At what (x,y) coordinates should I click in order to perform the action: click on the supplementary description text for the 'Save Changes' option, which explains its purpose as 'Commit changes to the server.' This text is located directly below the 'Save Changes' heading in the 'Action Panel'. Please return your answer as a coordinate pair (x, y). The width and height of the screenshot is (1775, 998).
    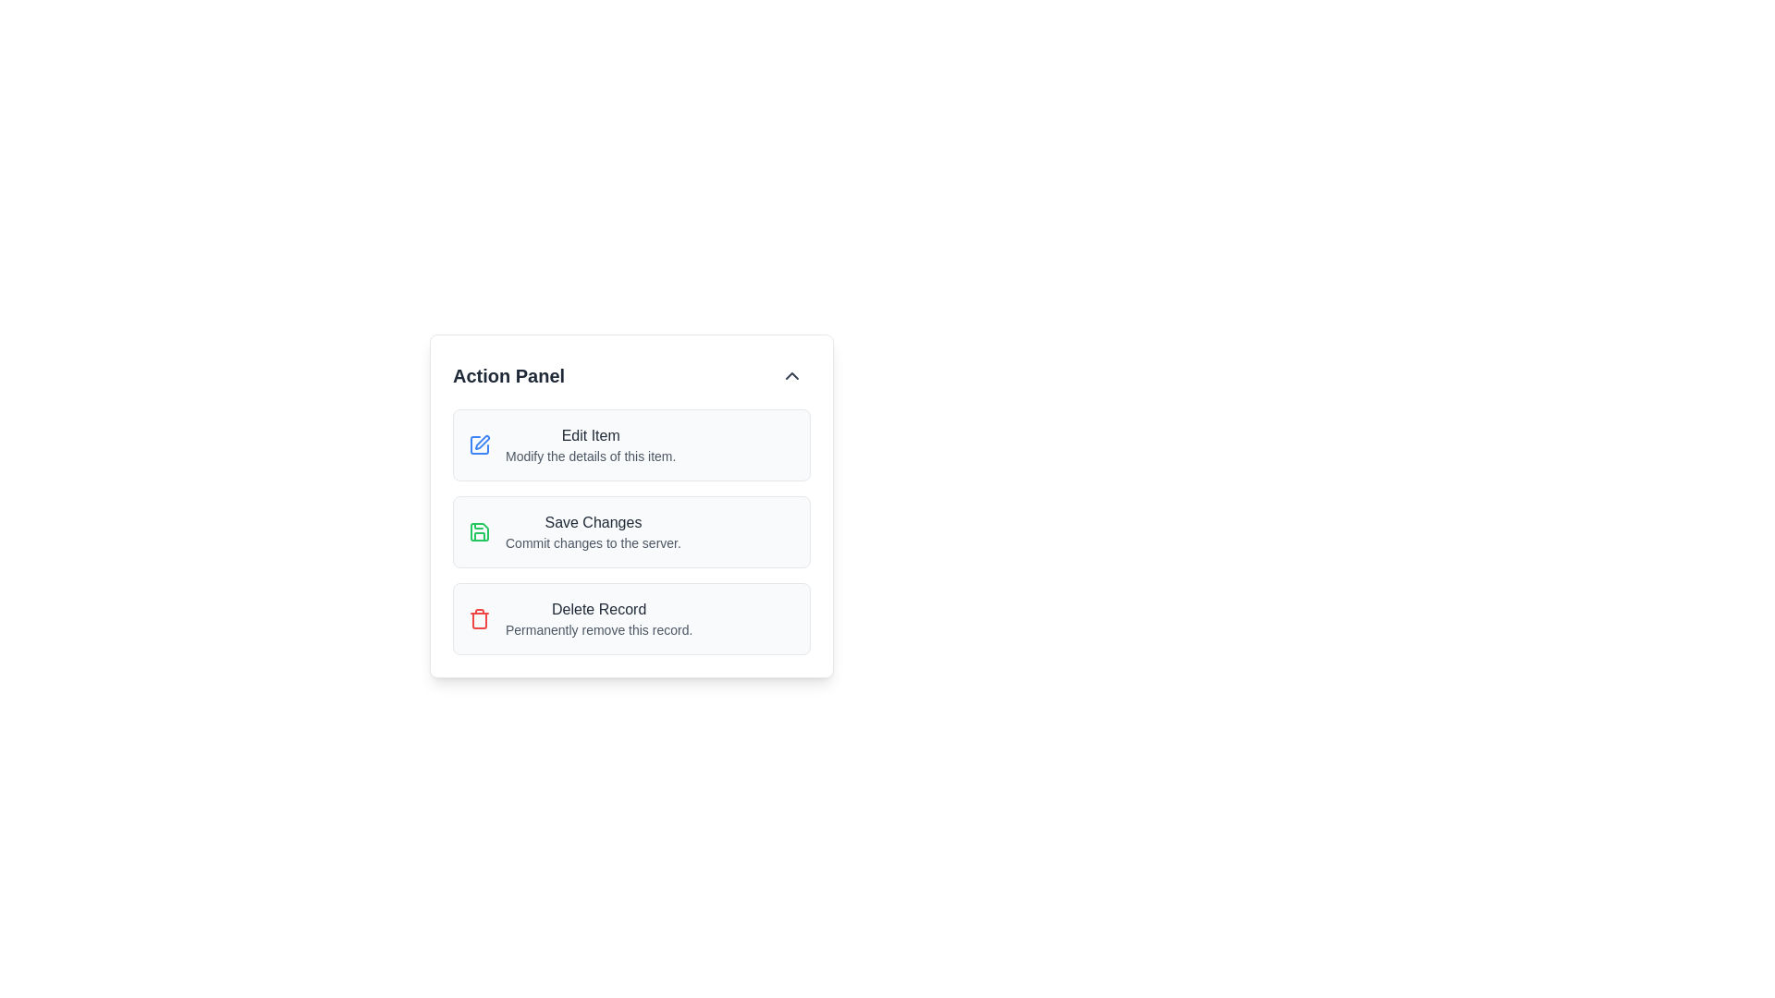
    Looking at the image, I should click on (593, 542).